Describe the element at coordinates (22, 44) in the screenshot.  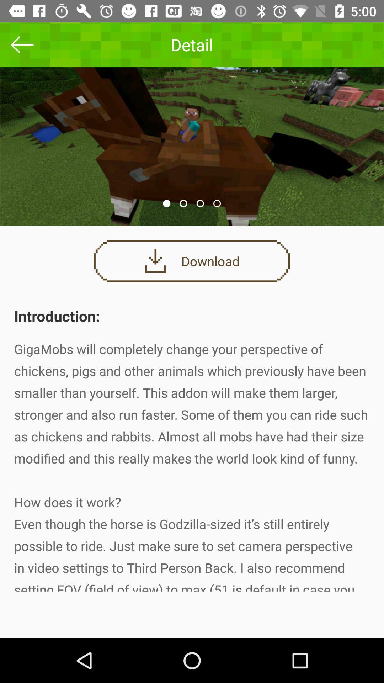
I see `the arrow_backward icon` at that location.